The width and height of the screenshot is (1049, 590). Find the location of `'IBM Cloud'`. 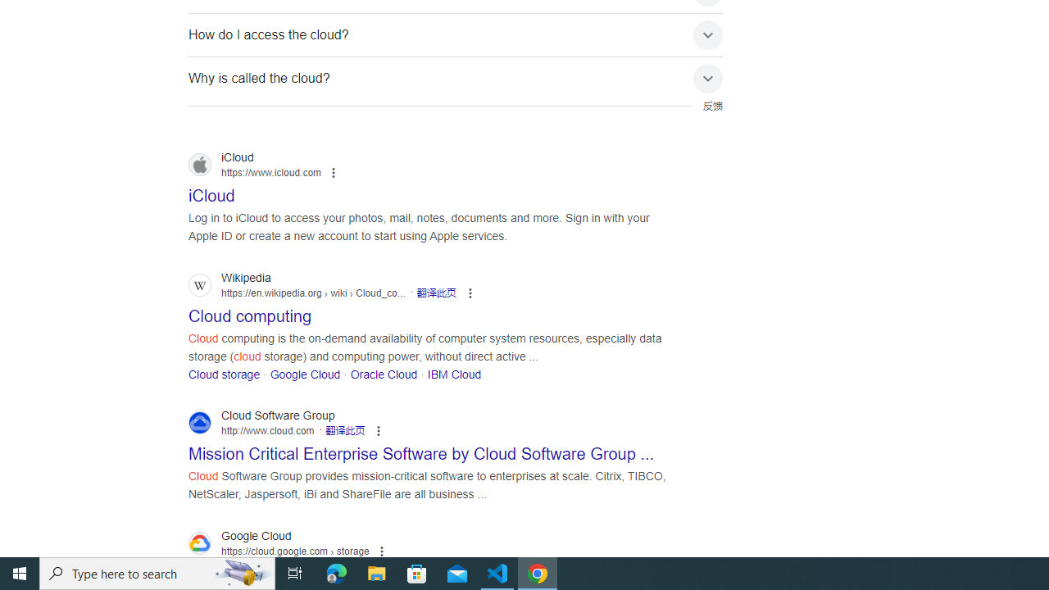

'IBM Cloud' is located at coordinates (454, 374).